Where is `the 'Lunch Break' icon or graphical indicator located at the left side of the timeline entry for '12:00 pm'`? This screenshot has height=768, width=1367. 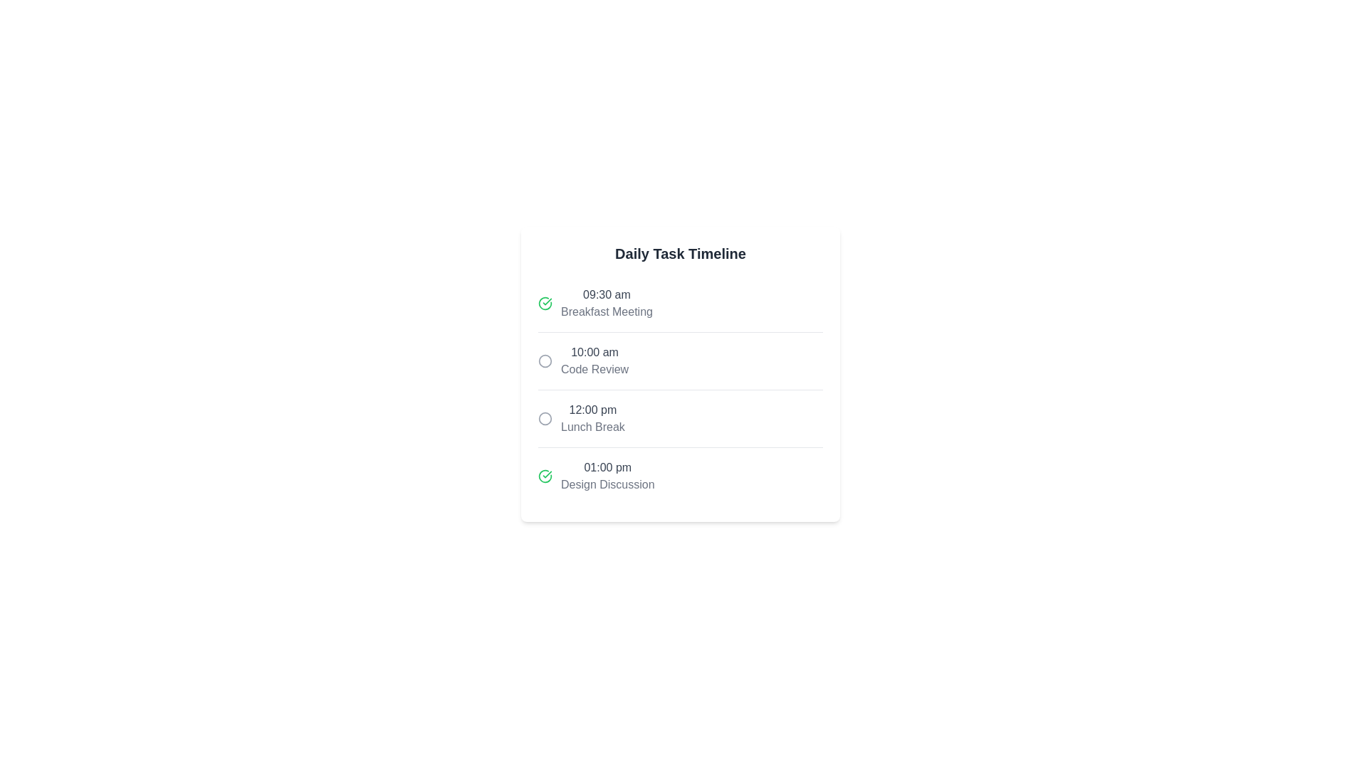 the 'Lunch Break' icon or graphical indicator located at the left side of the timeline entry for '12:00 pm' is located at coordinates (545, 418).